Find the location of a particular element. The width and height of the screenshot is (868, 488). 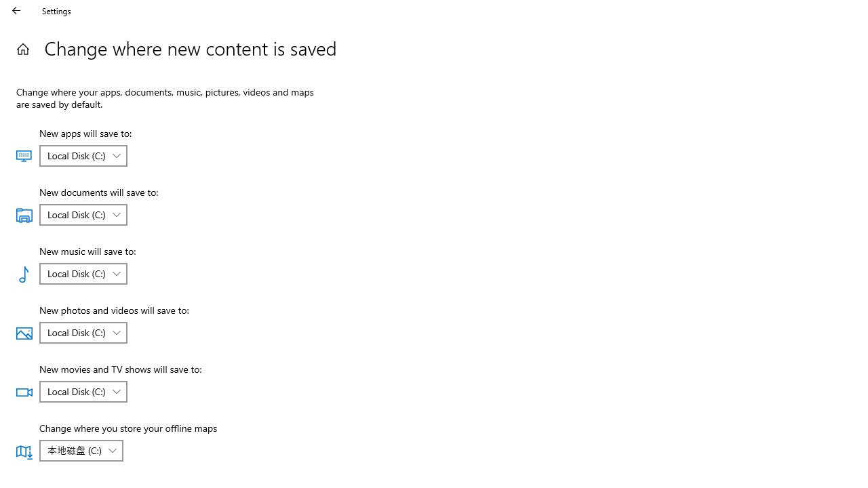

'Home' is located at coordinates (22, 48).